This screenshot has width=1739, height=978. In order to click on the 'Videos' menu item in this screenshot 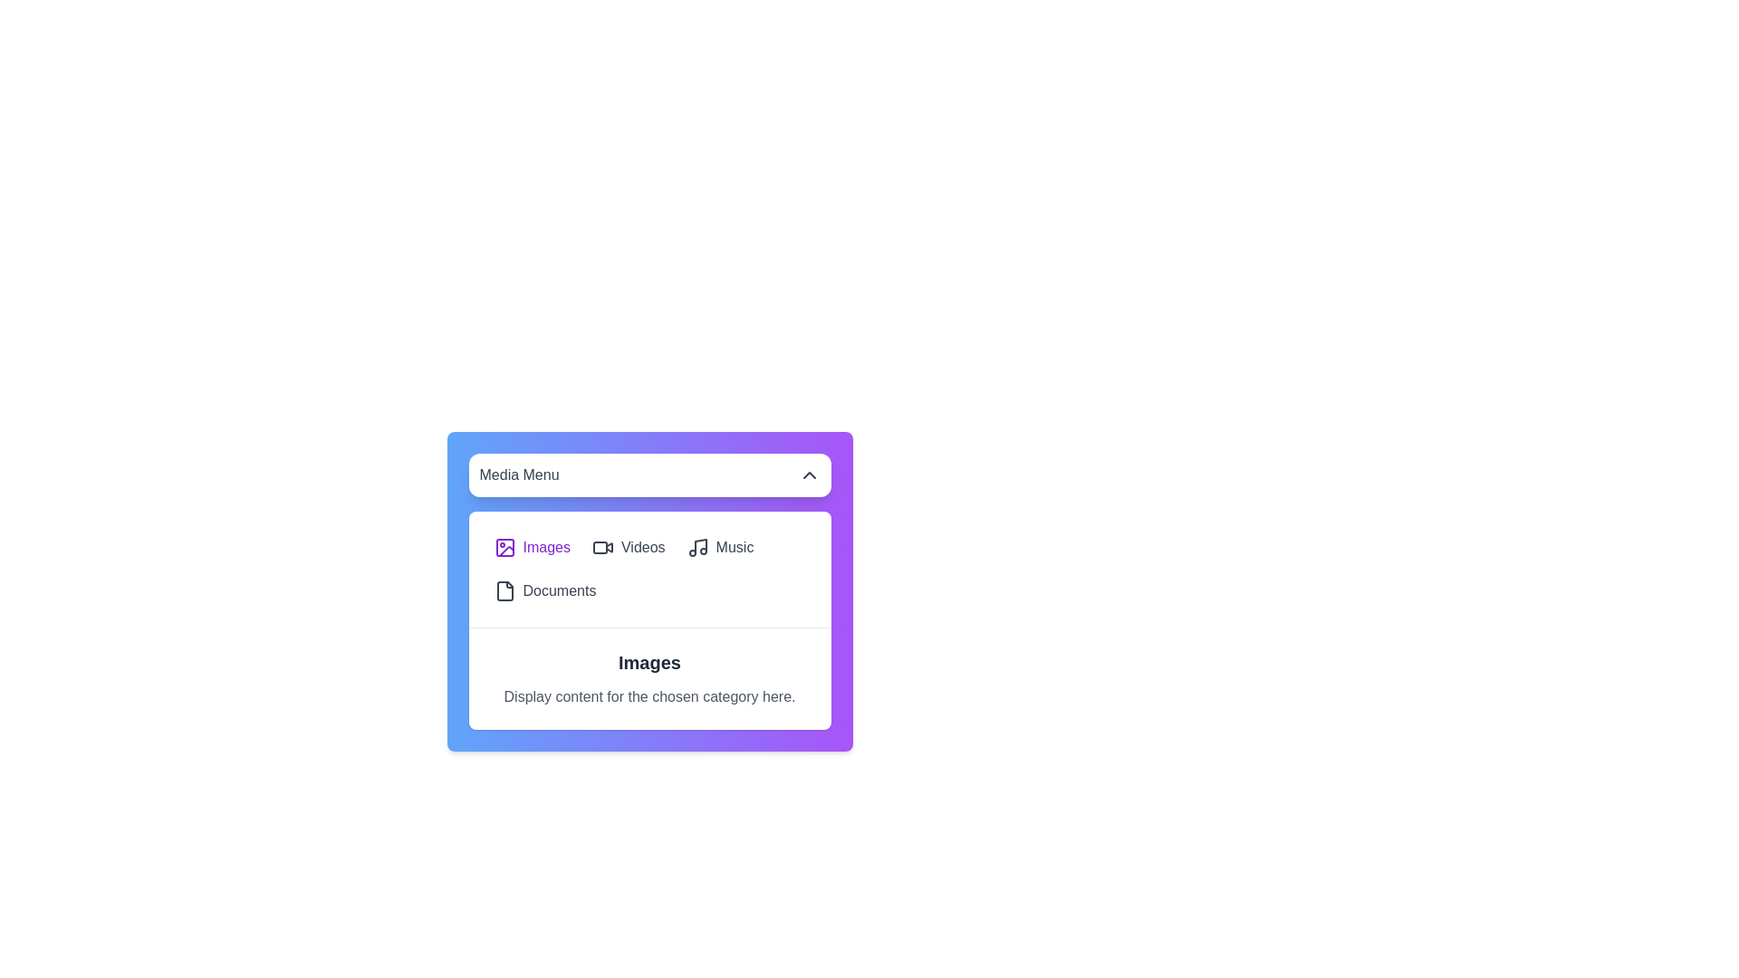, I will do `click(629, 547)`.